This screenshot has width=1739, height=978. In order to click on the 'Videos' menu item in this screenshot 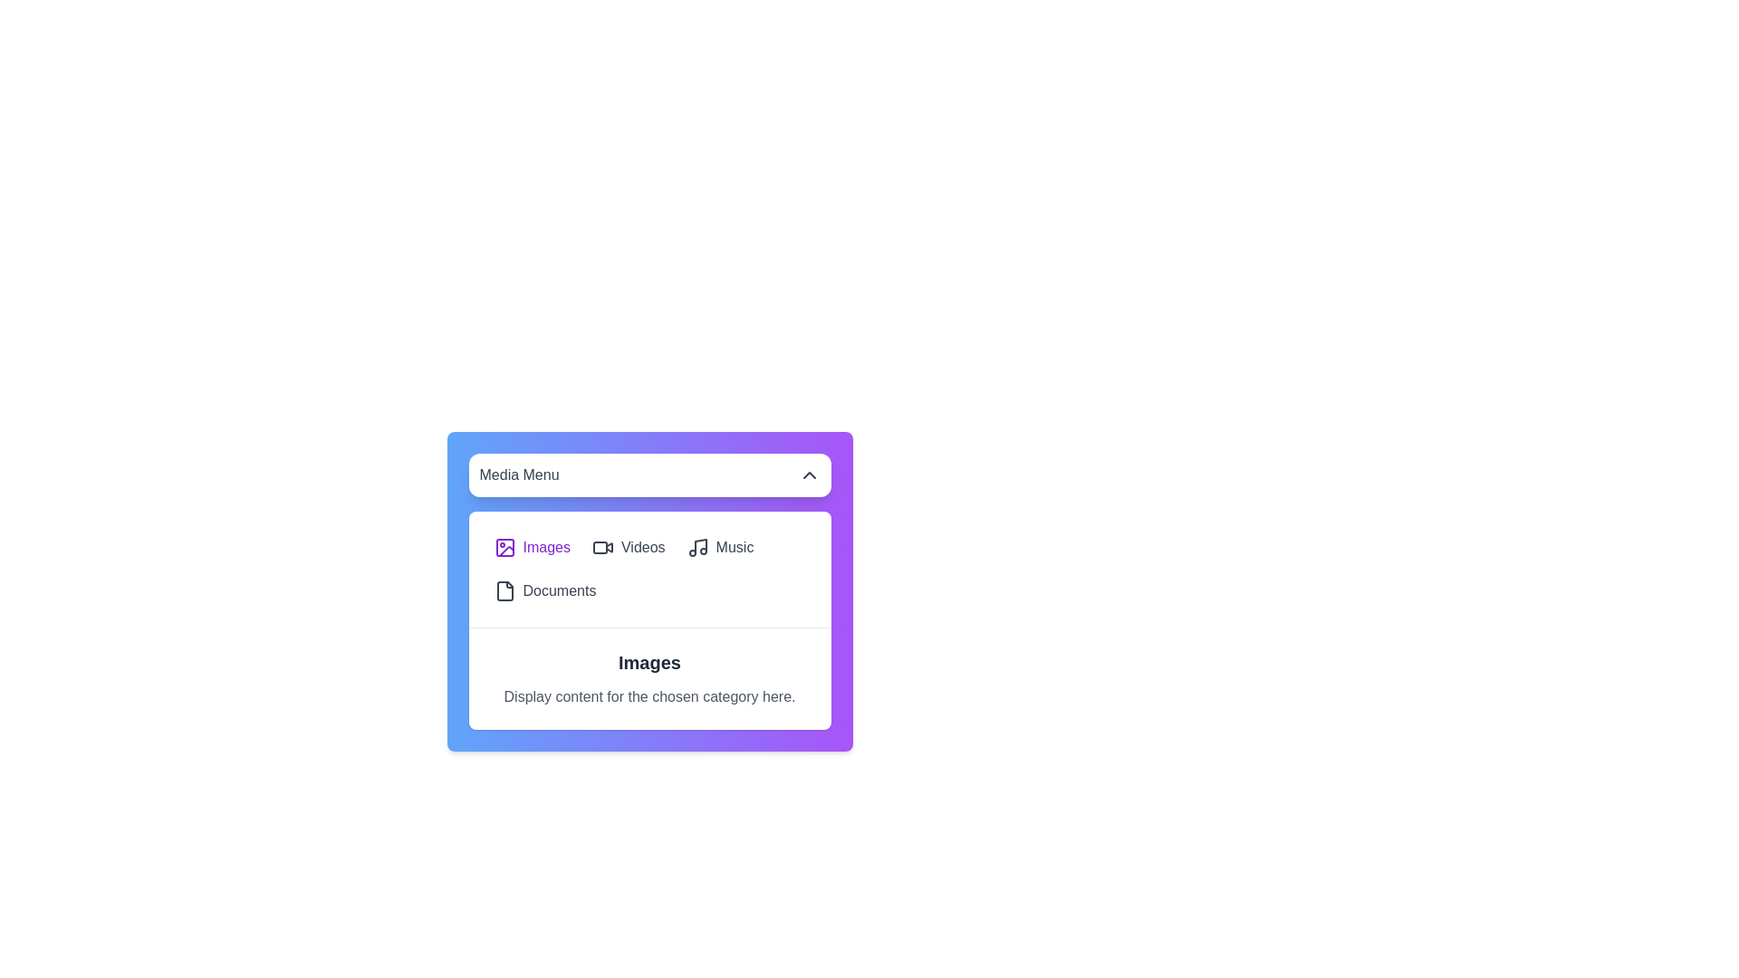, I will do `click(629, 547)`.